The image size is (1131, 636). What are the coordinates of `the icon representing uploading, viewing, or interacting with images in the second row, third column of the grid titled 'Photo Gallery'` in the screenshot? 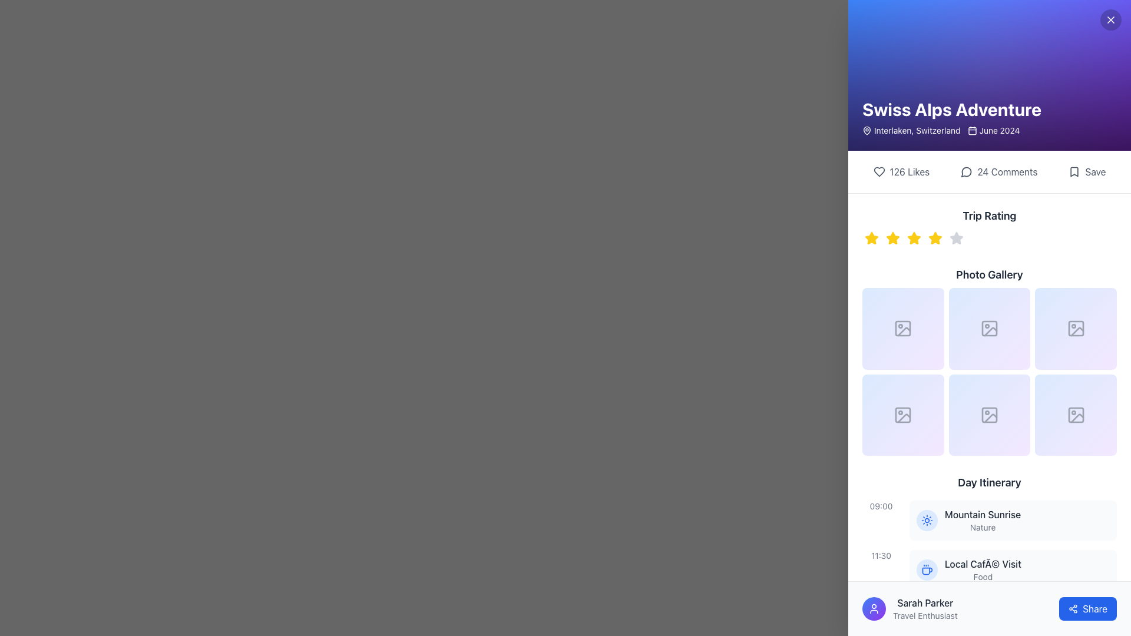 It's located at (1076, 415).